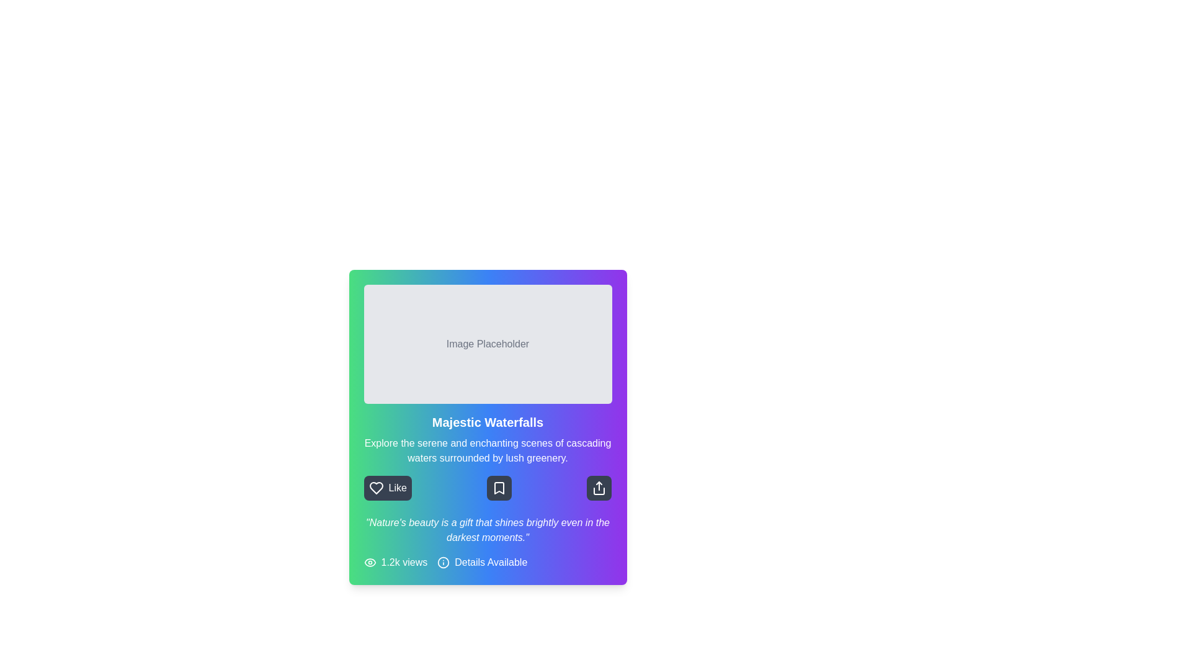 This screenshot has width=1191, height=670. What do you see at coordinates (487, 562) in the screenshot?
I see `the 'Details Available' icon of the informative text with icons located at the bottom of the card` at bounding box center [487, 562].